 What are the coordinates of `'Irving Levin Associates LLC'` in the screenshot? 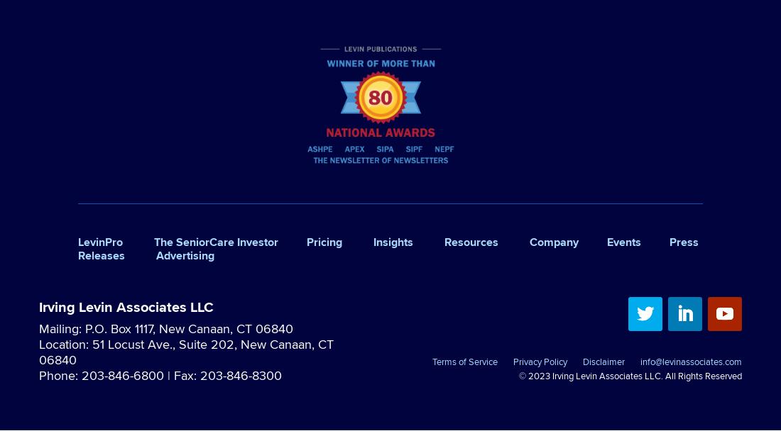 It's located at (125, 305).